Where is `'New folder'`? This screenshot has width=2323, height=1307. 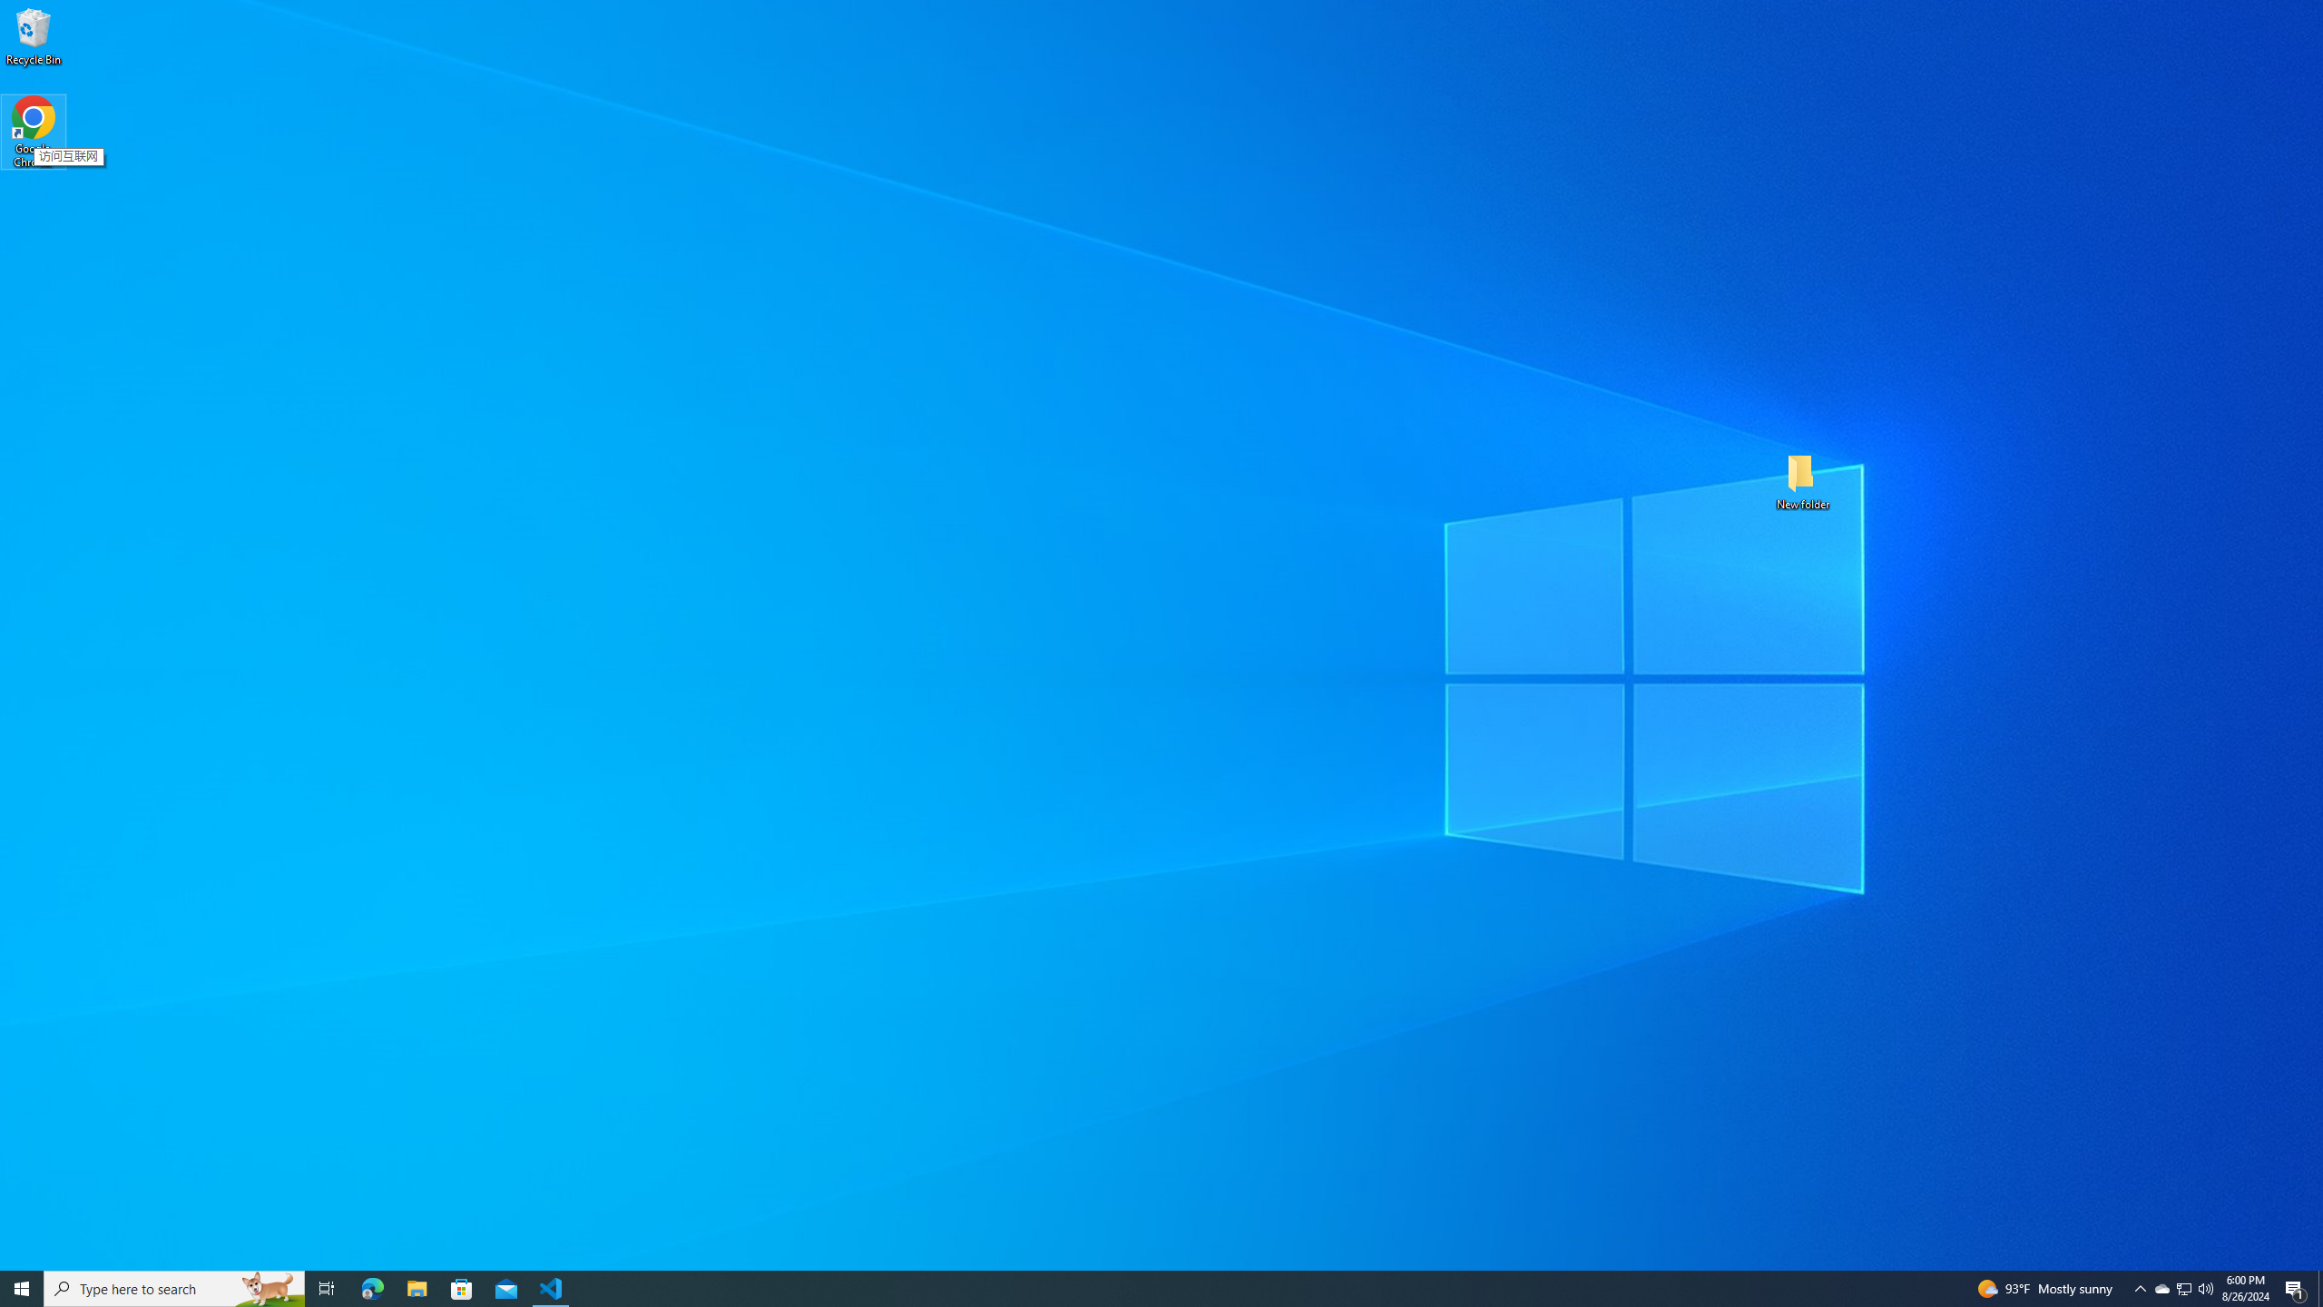 'New folder' is located at coordinates (1802, 479).